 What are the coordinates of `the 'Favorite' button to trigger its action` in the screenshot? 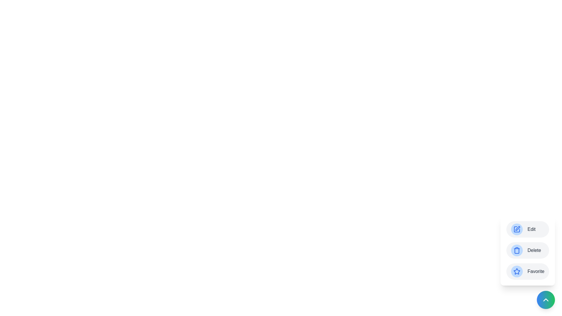 It's located at (528, 272).